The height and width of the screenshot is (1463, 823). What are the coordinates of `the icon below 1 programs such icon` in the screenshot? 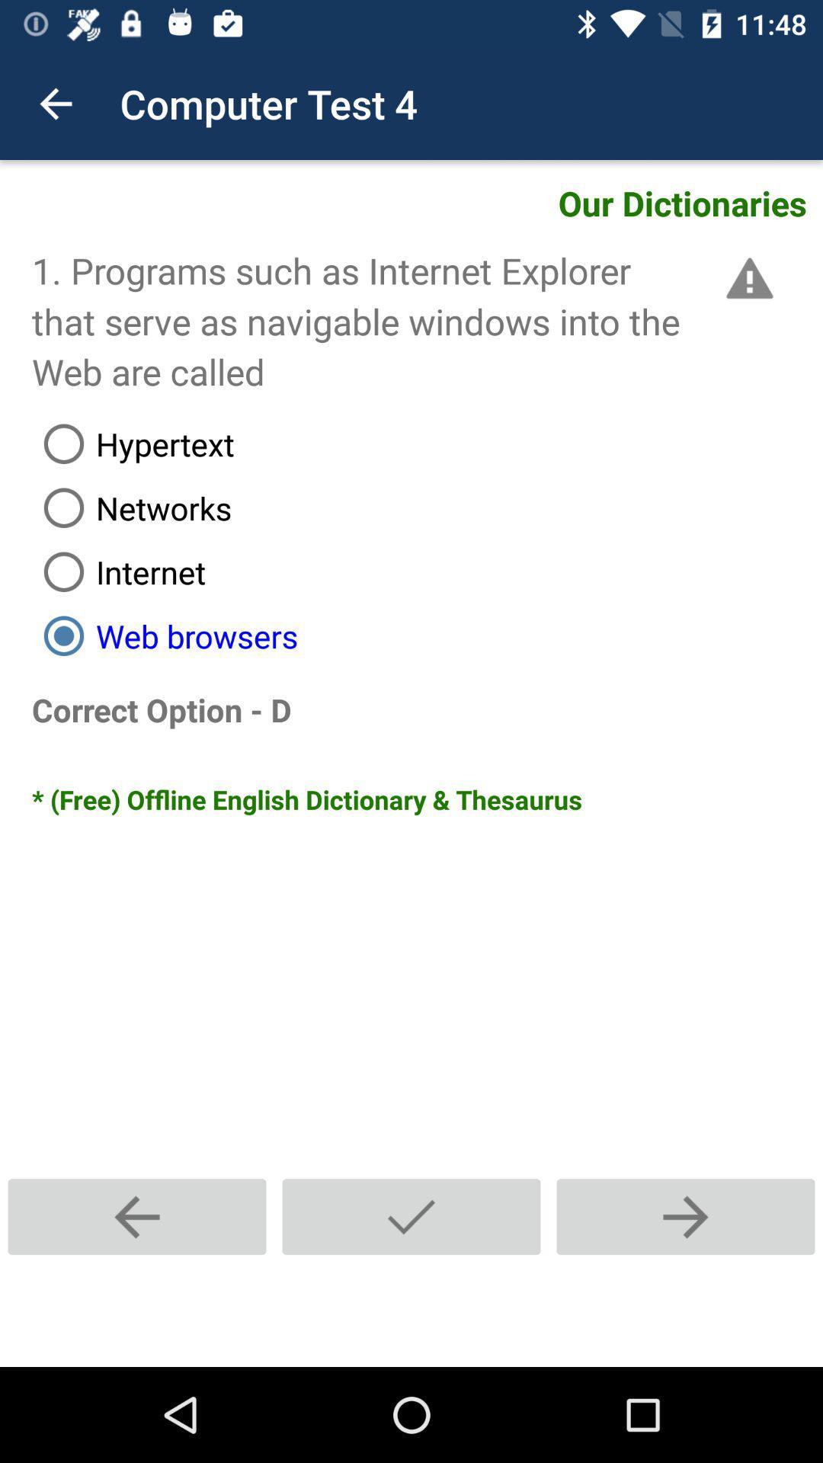 It's located at (427, 443).